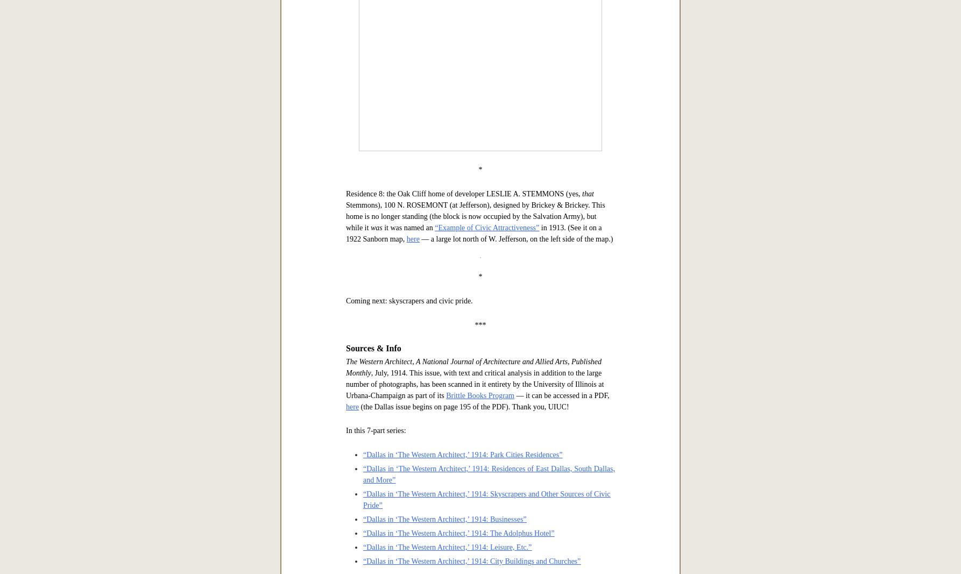 The image size is (961, 574). Describe the element at coordinates (447, 135) in the screenshot. I see `'). (See it on a 1921 Sanborn map,'` at that location.